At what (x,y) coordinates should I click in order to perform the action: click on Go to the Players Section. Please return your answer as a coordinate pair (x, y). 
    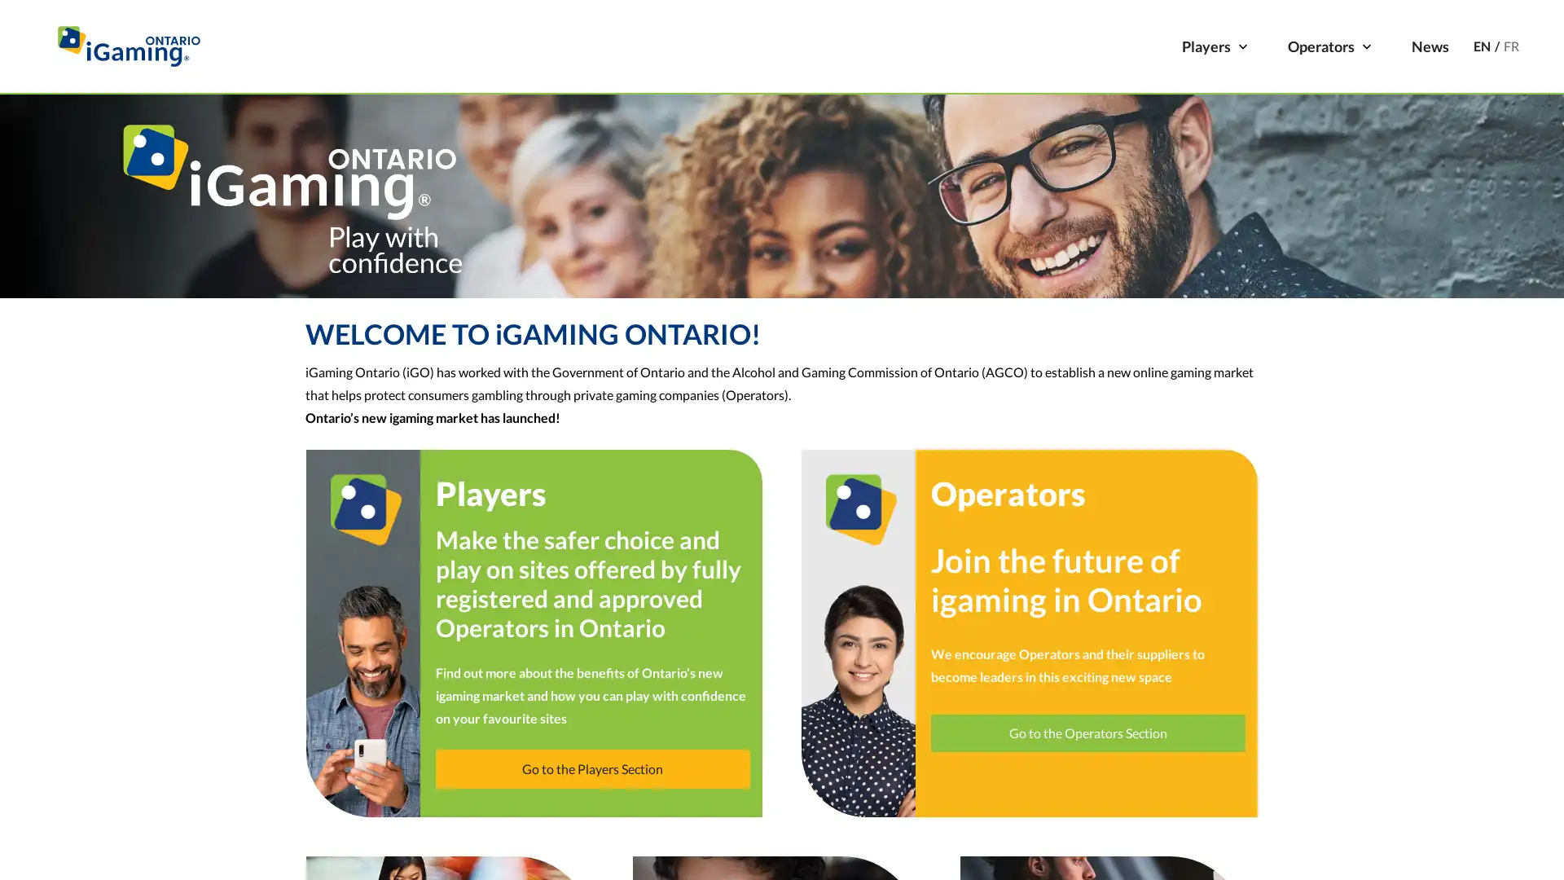
    Looking at the image, I should click on (591, 768).